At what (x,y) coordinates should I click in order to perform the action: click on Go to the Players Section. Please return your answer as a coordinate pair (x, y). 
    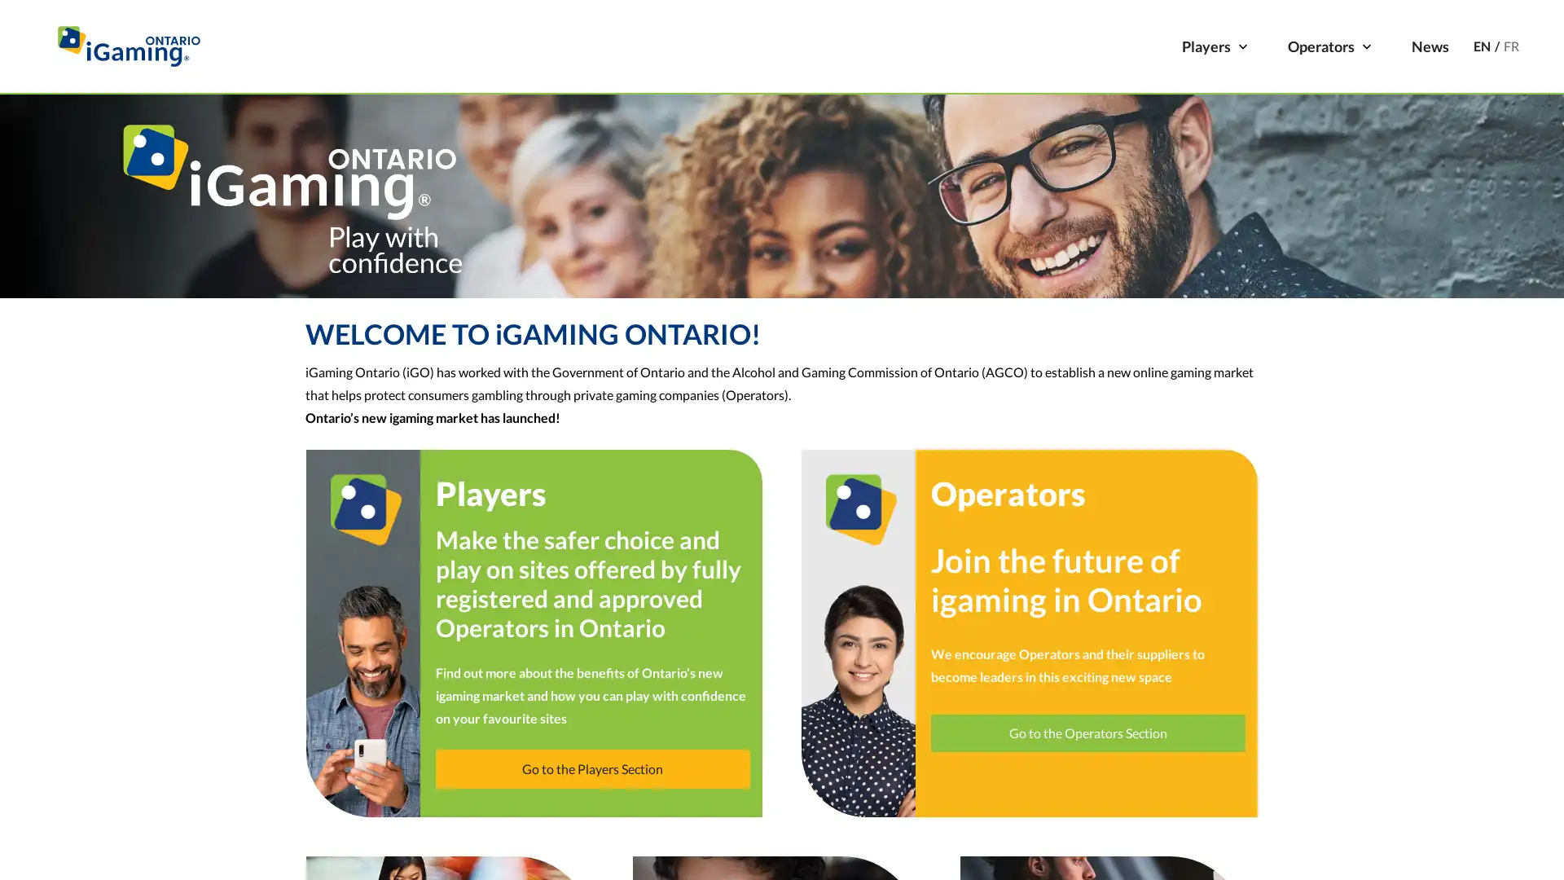
    Looking at the image, I should click on (591, 768).